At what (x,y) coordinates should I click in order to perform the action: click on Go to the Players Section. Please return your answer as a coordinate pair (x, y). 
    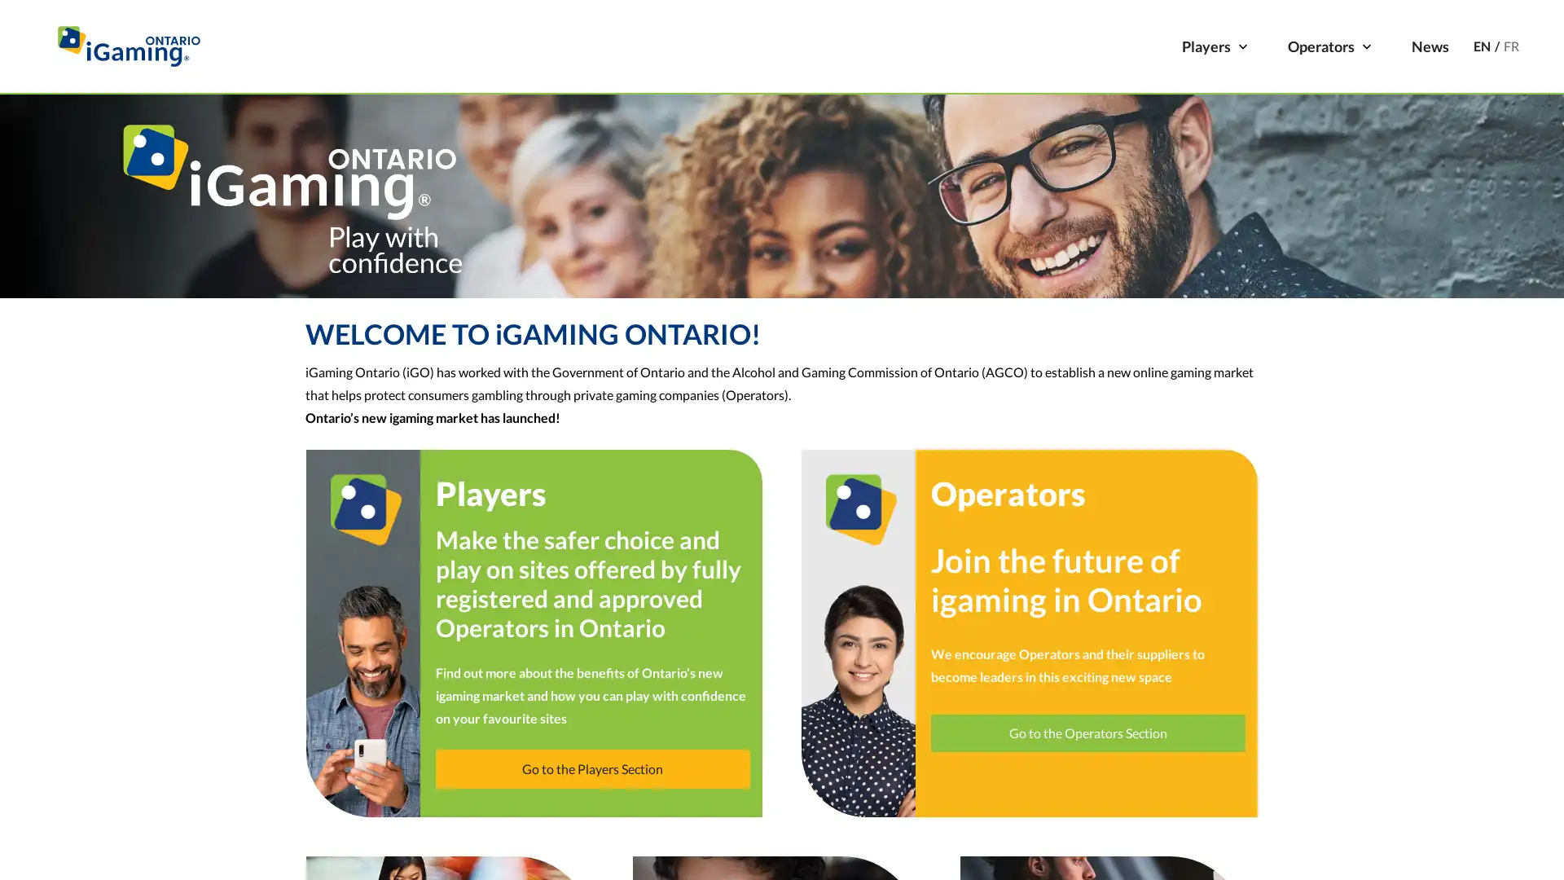
    Looking at the image, I should click on (591, 768).